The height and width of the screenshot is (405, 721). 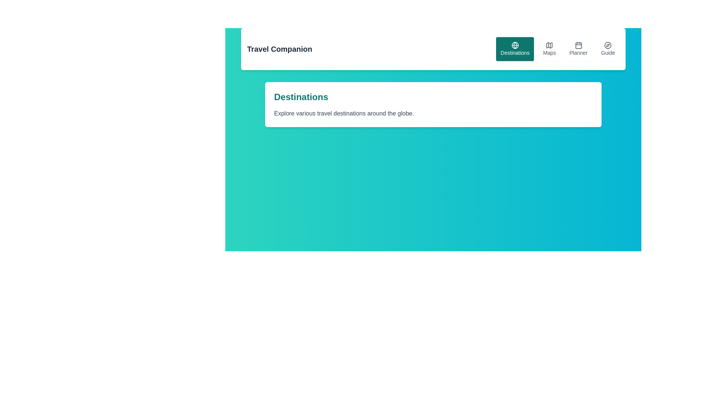 I want to click on the navigation button located at the top-right corner of the layout, adjacent to 'Planner', so click(x=608, y=52).